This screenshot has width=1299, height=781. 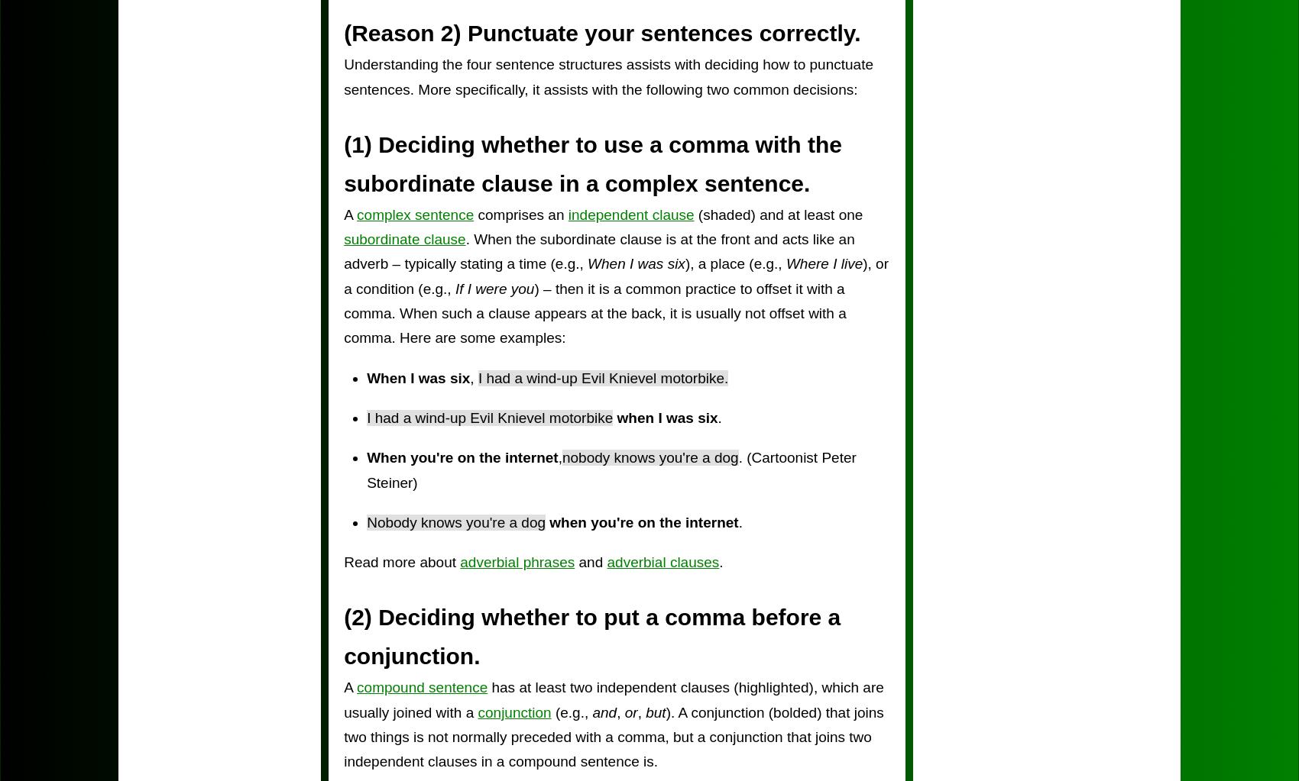 What do you see at coordinates (655, 711) in the screenshot?
I see `'but'` at bounding box center [655, 711].